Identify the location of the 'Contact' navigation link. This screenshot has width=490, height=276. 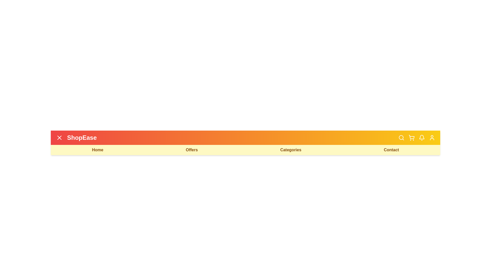
(391, 149).